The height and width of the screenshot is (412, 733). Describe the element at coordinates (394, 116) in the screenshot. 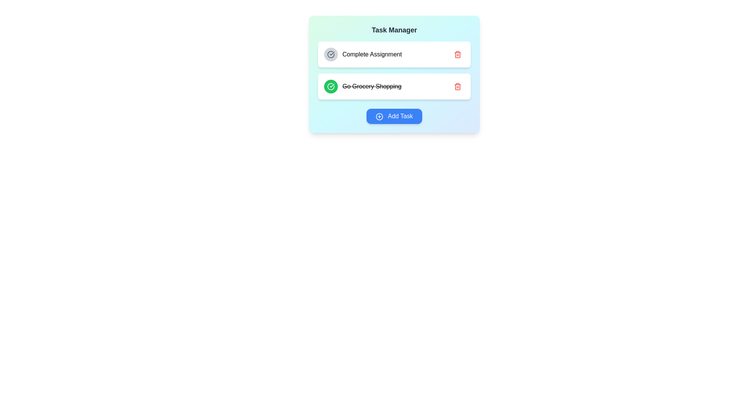

I see `the rounded rectangular button with a blue background and white text reading 'Add Task'` at that location.